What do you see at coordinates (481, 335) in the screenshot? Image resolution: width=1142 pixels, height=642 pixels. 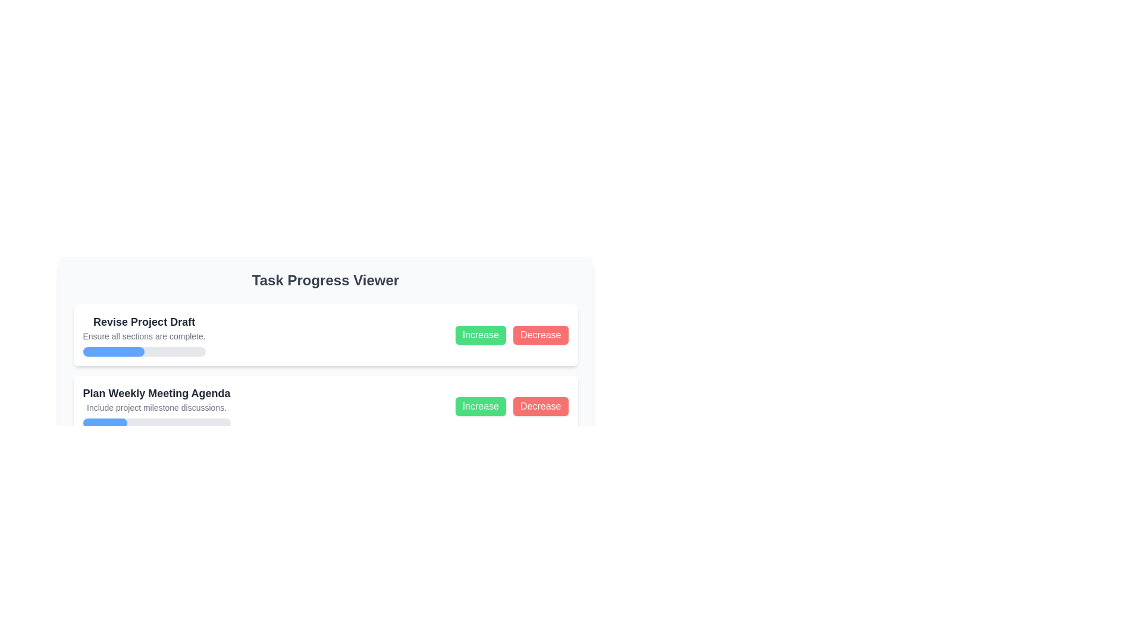 I see `the 'Increase' button for task 1` at bounding box center [481, 335].